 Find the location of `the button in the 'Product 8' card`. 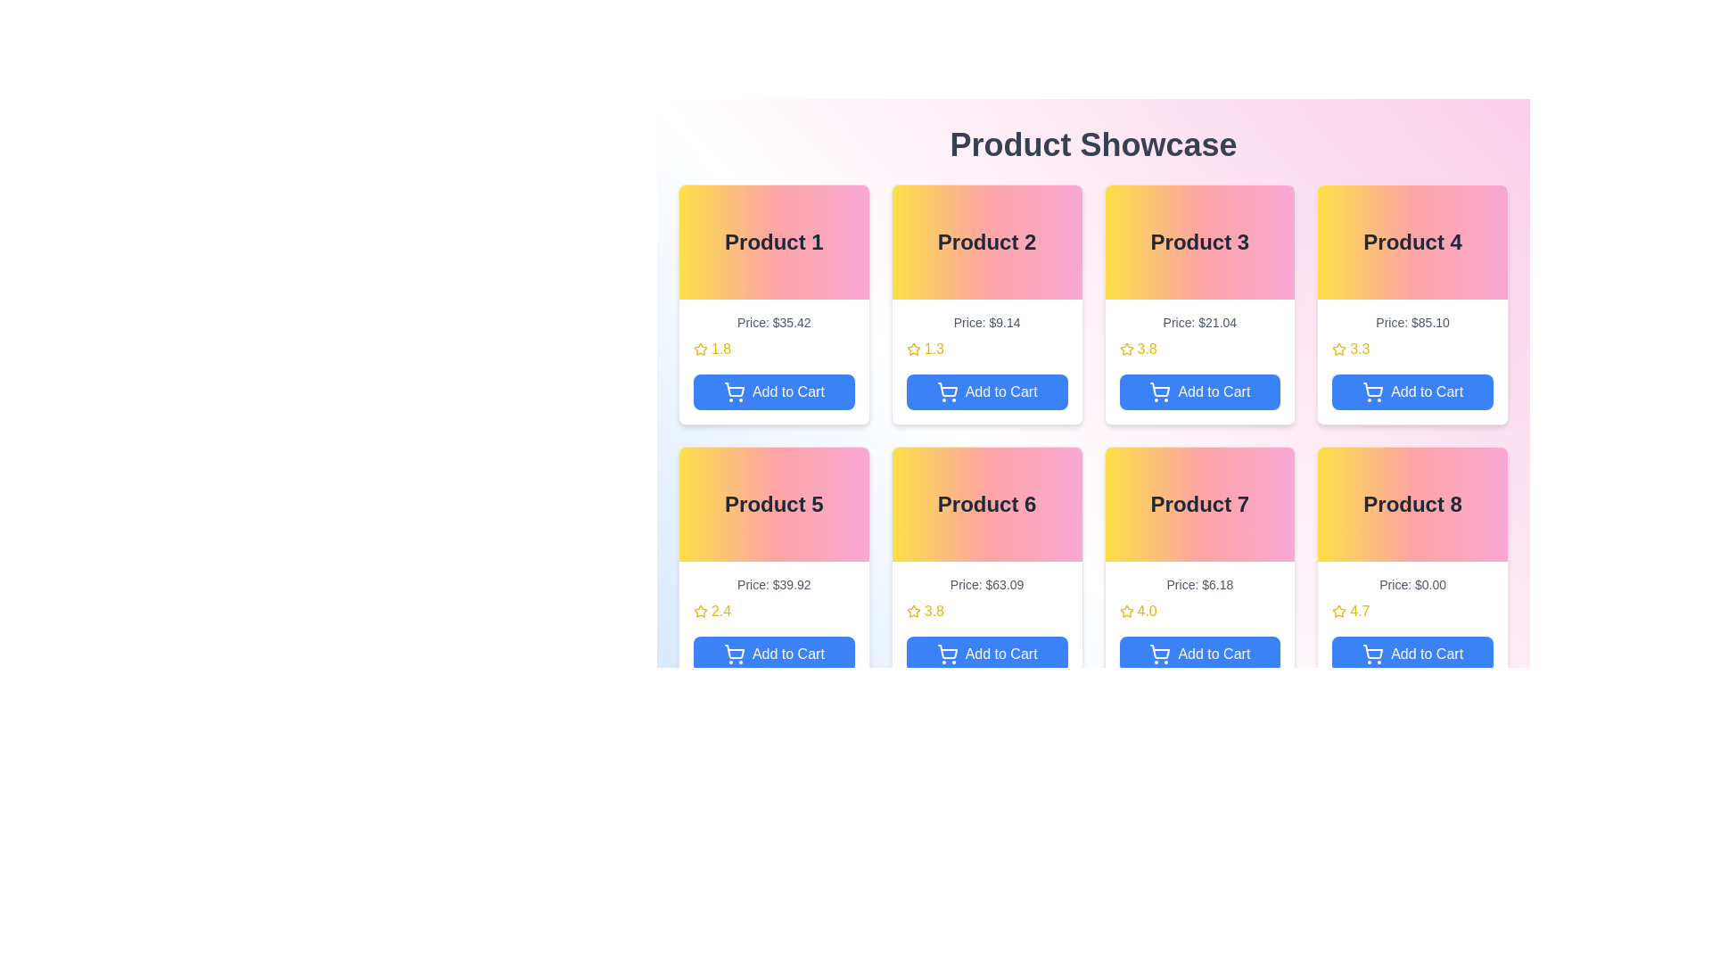

the button in the 'Product 8' card is located at coordinates (1412, 622).